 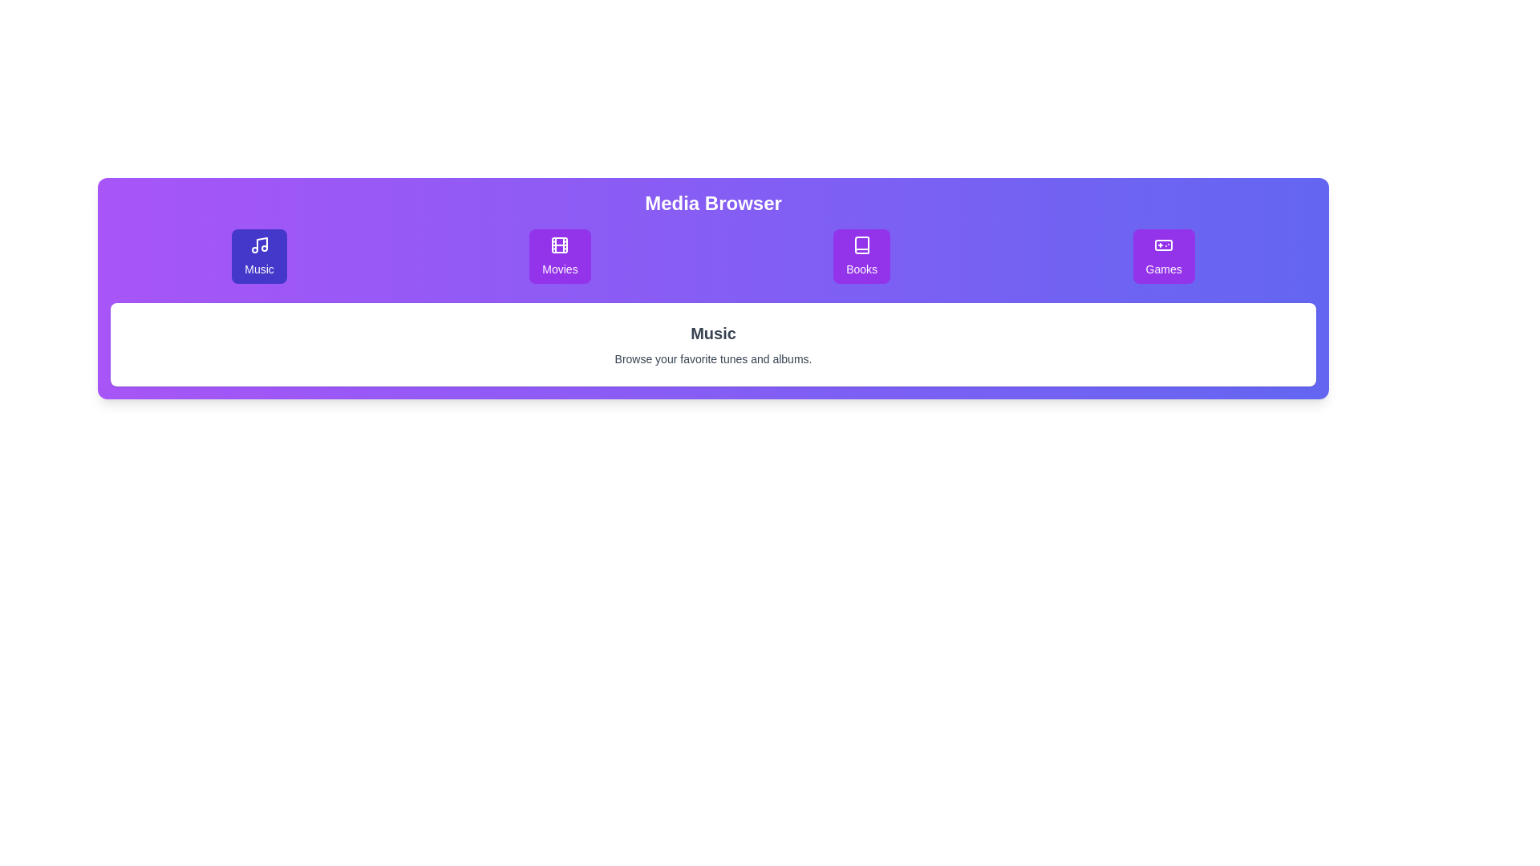 I want to click on the Movies button, which is the second button in a row of four, so click(x=560, y=256).